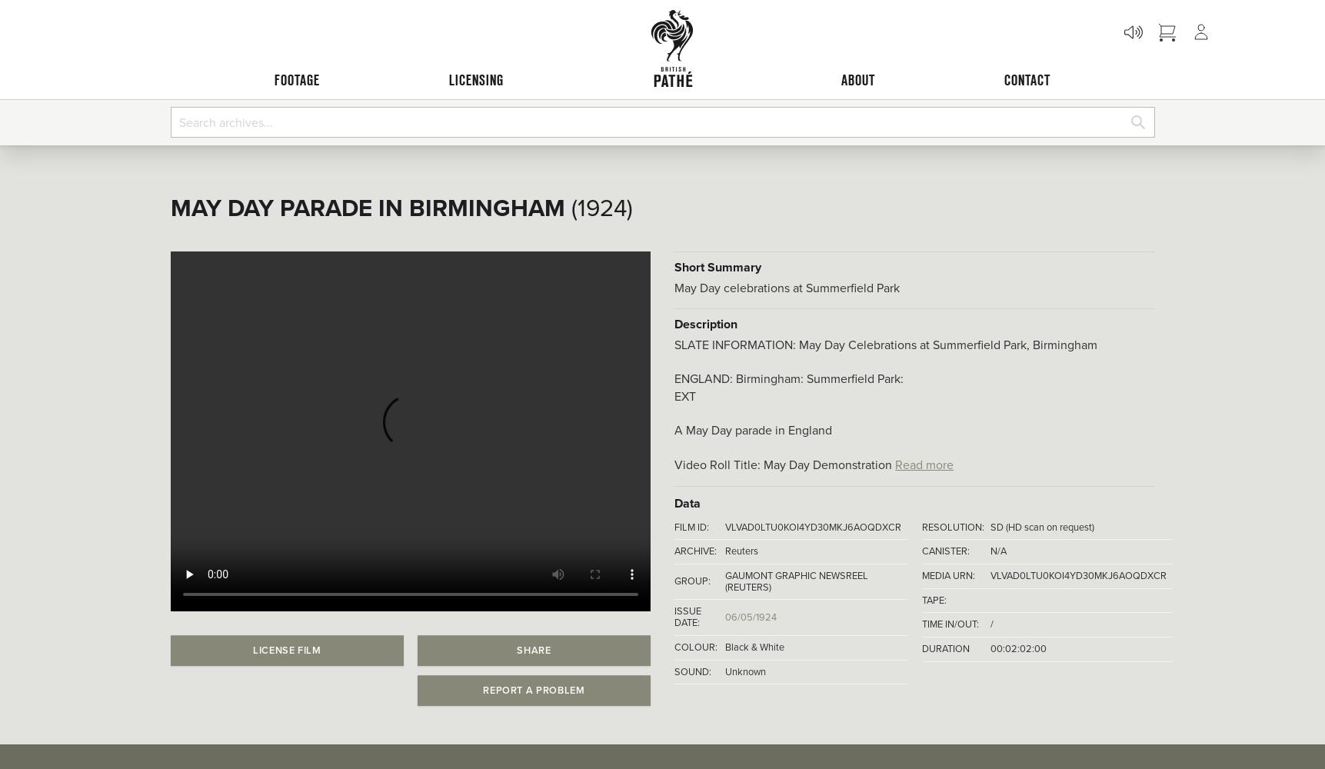 Image resolution: width=1325 pixels, height=769 pixels. I want to click on 'GAUMONT GRAPHIC NEWSREEL (REUTERS)', so click(795, 581).